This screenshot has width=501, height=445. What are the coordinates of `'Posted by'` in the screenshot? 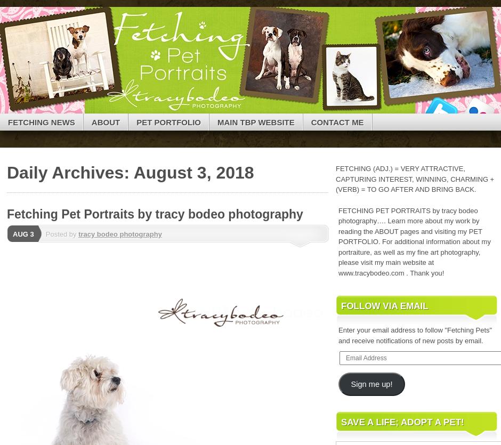 It's located at (61, 233).